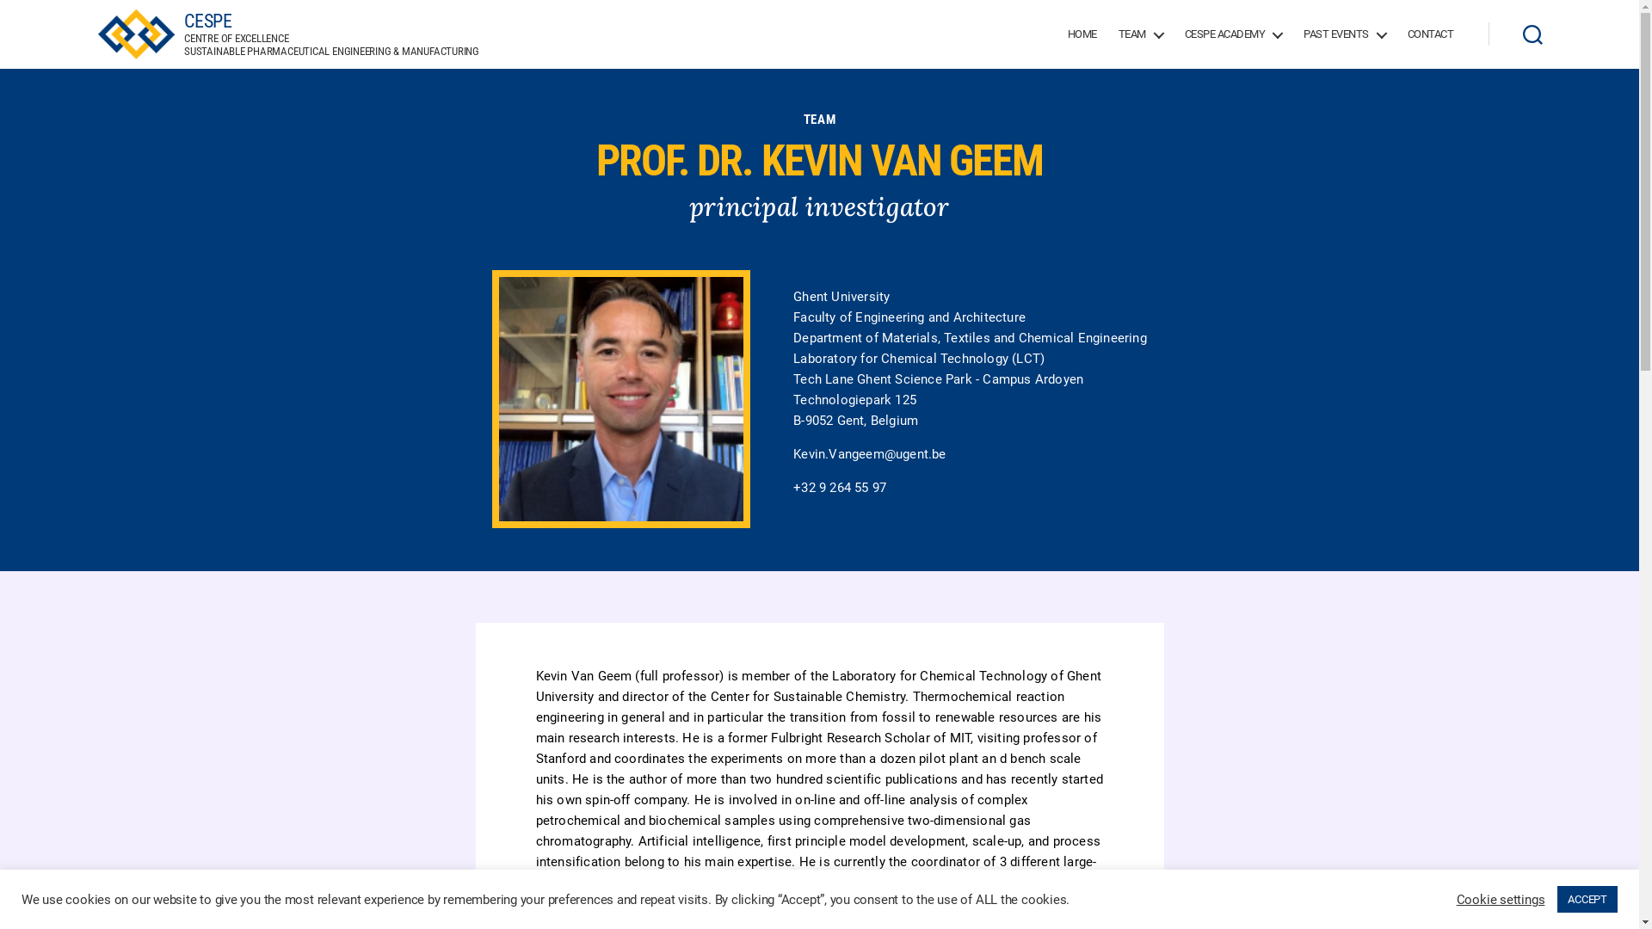 The width and height of the screenshot is (1652, 929). What do you see at coordinates (818, 119) in the screenshot?
I see `'TEAM'` at bounding box center [818, 119].